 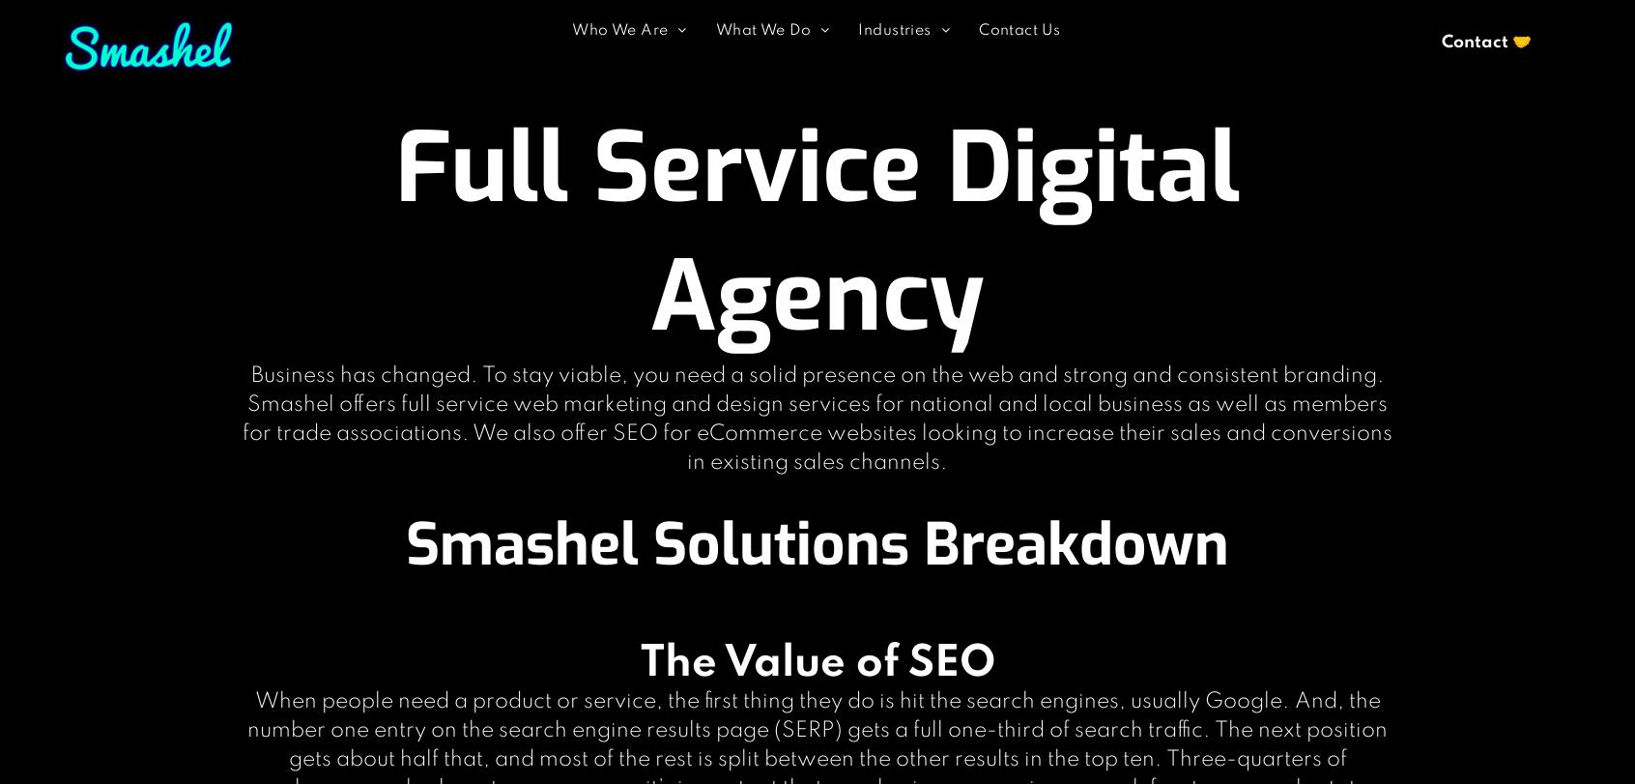 What do you see at coordinates (872, 55) in the screenshot?
I see `'Real Estate'` at bounding box center [872, 55].